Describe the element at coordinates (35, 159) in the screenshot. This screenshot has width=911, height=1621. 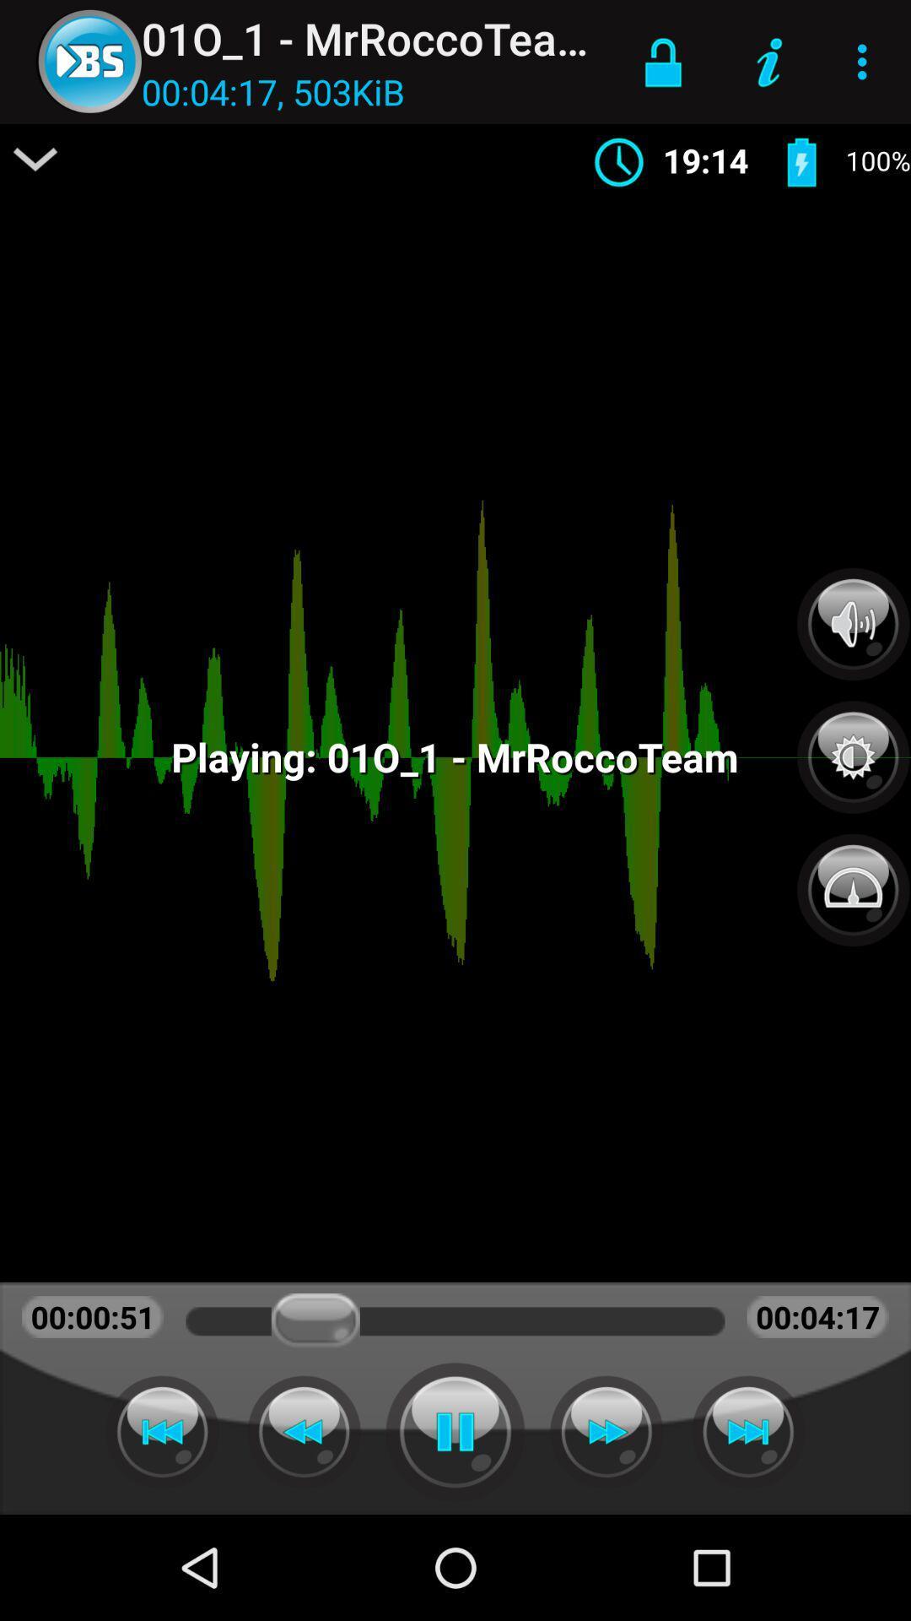
I see `the expand_more icon` at that location.